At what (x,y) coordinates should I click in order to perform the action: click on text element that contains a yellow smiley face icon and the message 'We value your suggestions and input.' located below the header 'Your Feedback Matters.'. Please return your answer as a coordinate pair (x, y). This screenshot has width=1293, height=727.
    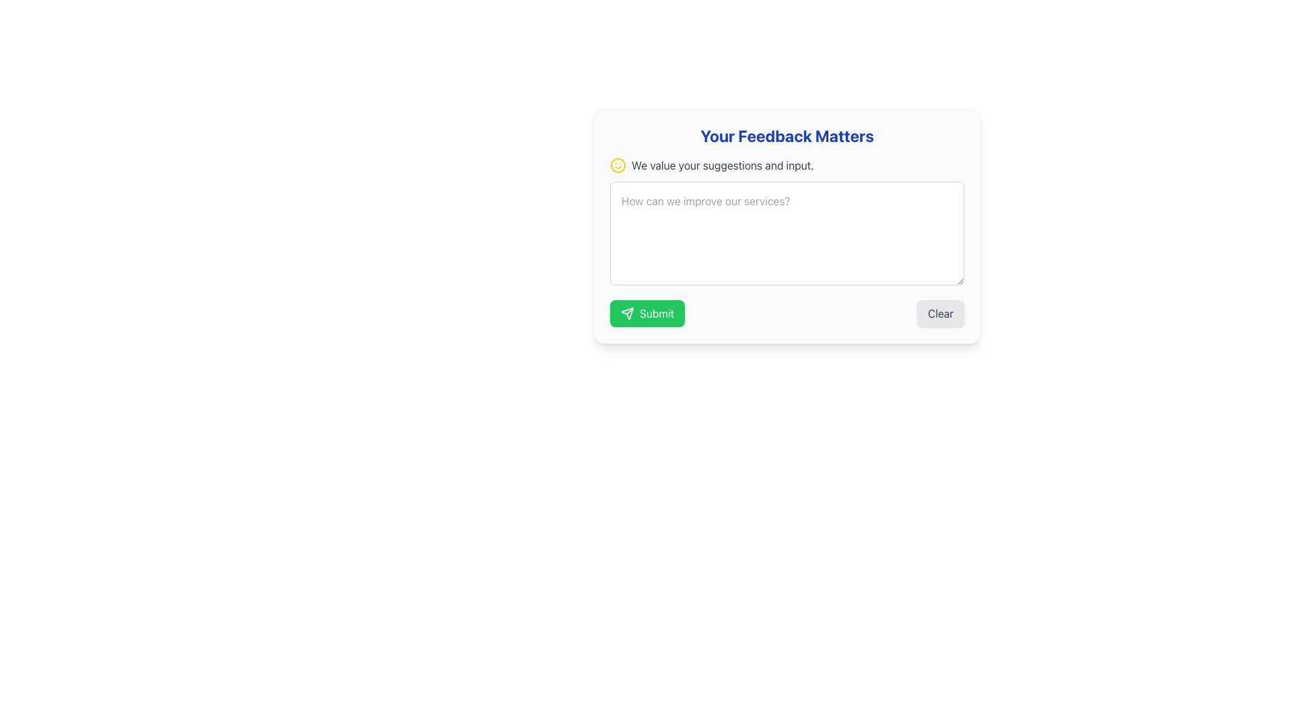
    Looking at the image, I should click on (787, 165).